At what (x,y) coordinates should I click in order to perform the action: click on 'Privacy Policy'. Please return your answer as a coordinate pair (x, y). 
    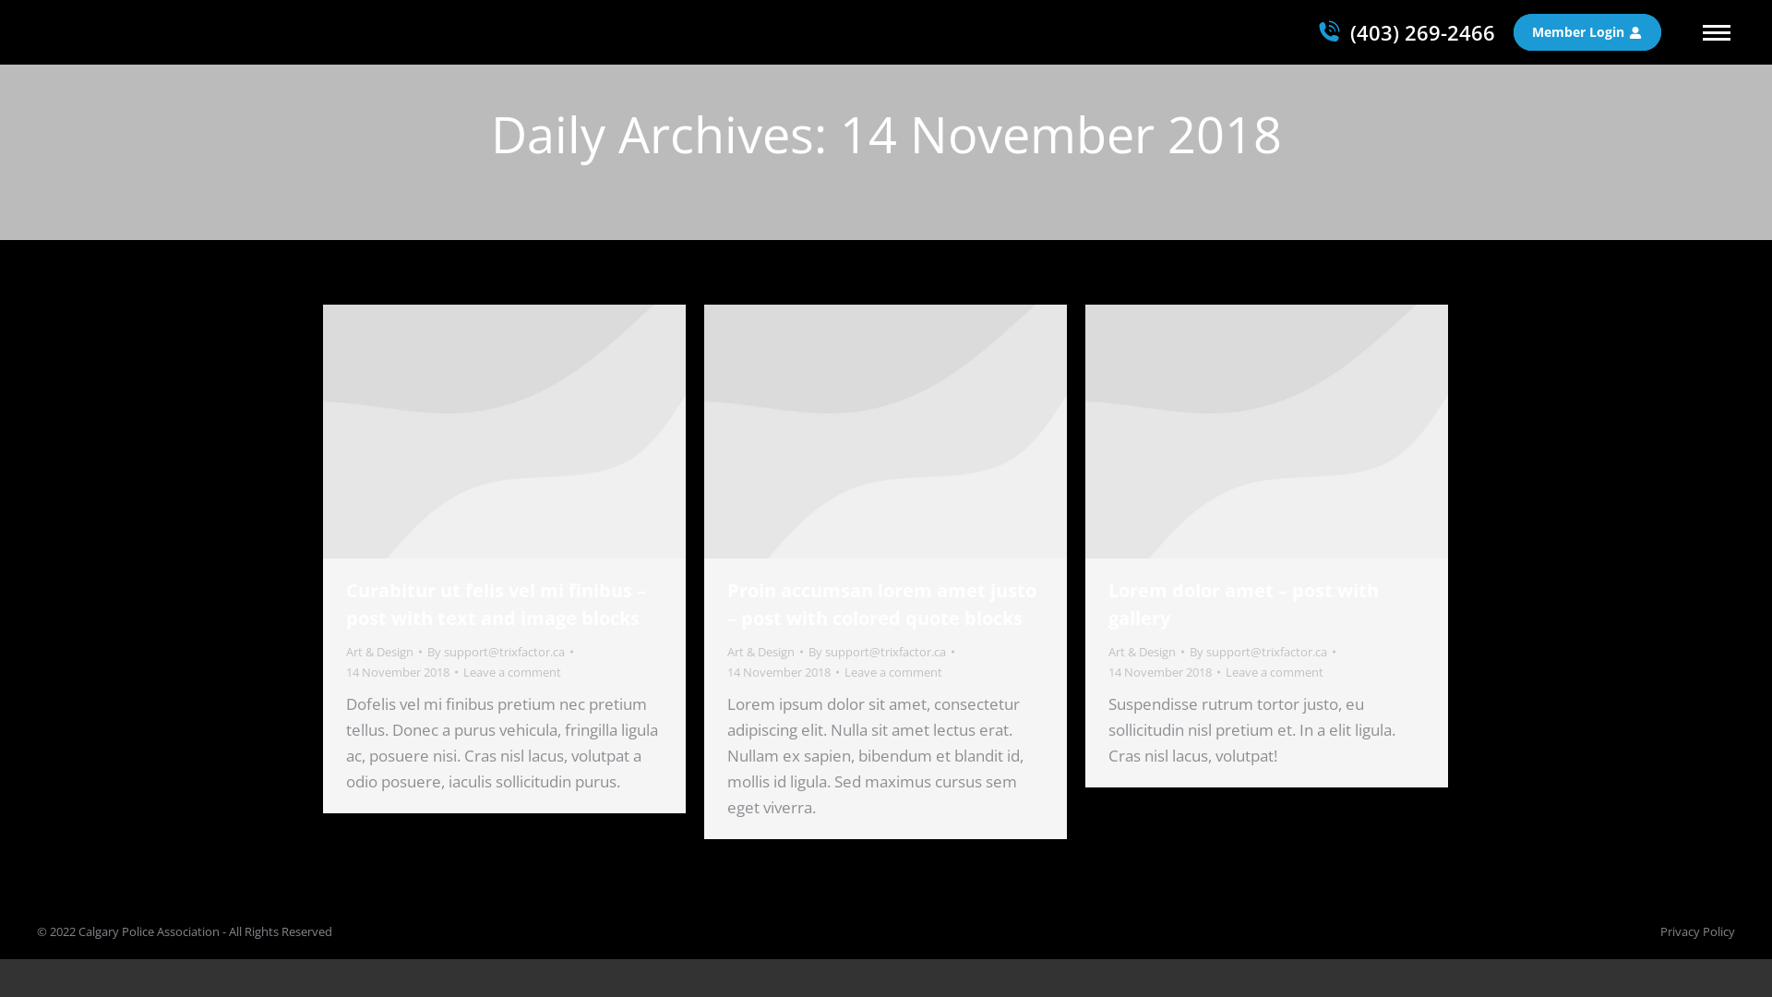
    Looking at the image, I should click on (1697, 931).